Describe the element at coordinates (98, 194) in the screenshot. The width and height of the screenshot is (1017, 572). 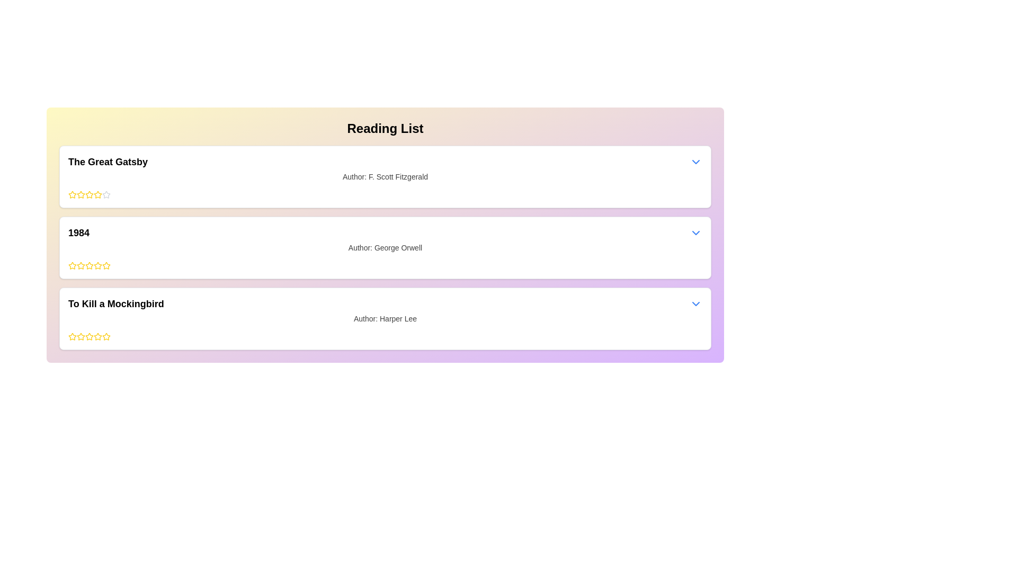
I see `the yellow star icon, which is the second star in the rating component under the title 'The Great Gatsby' in the 'Reading List' section` at that location.